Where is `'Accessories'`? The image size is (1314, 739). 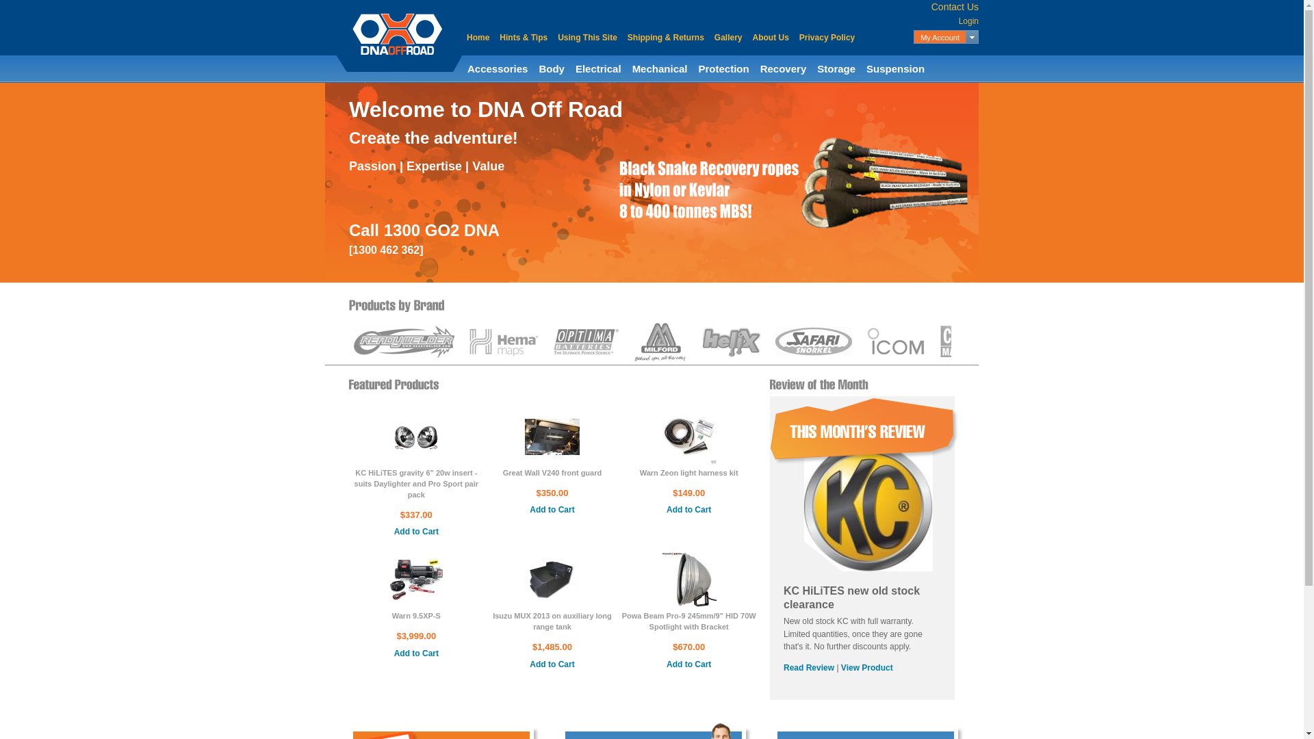
'Accessories' is located at coordinates (496, 68).